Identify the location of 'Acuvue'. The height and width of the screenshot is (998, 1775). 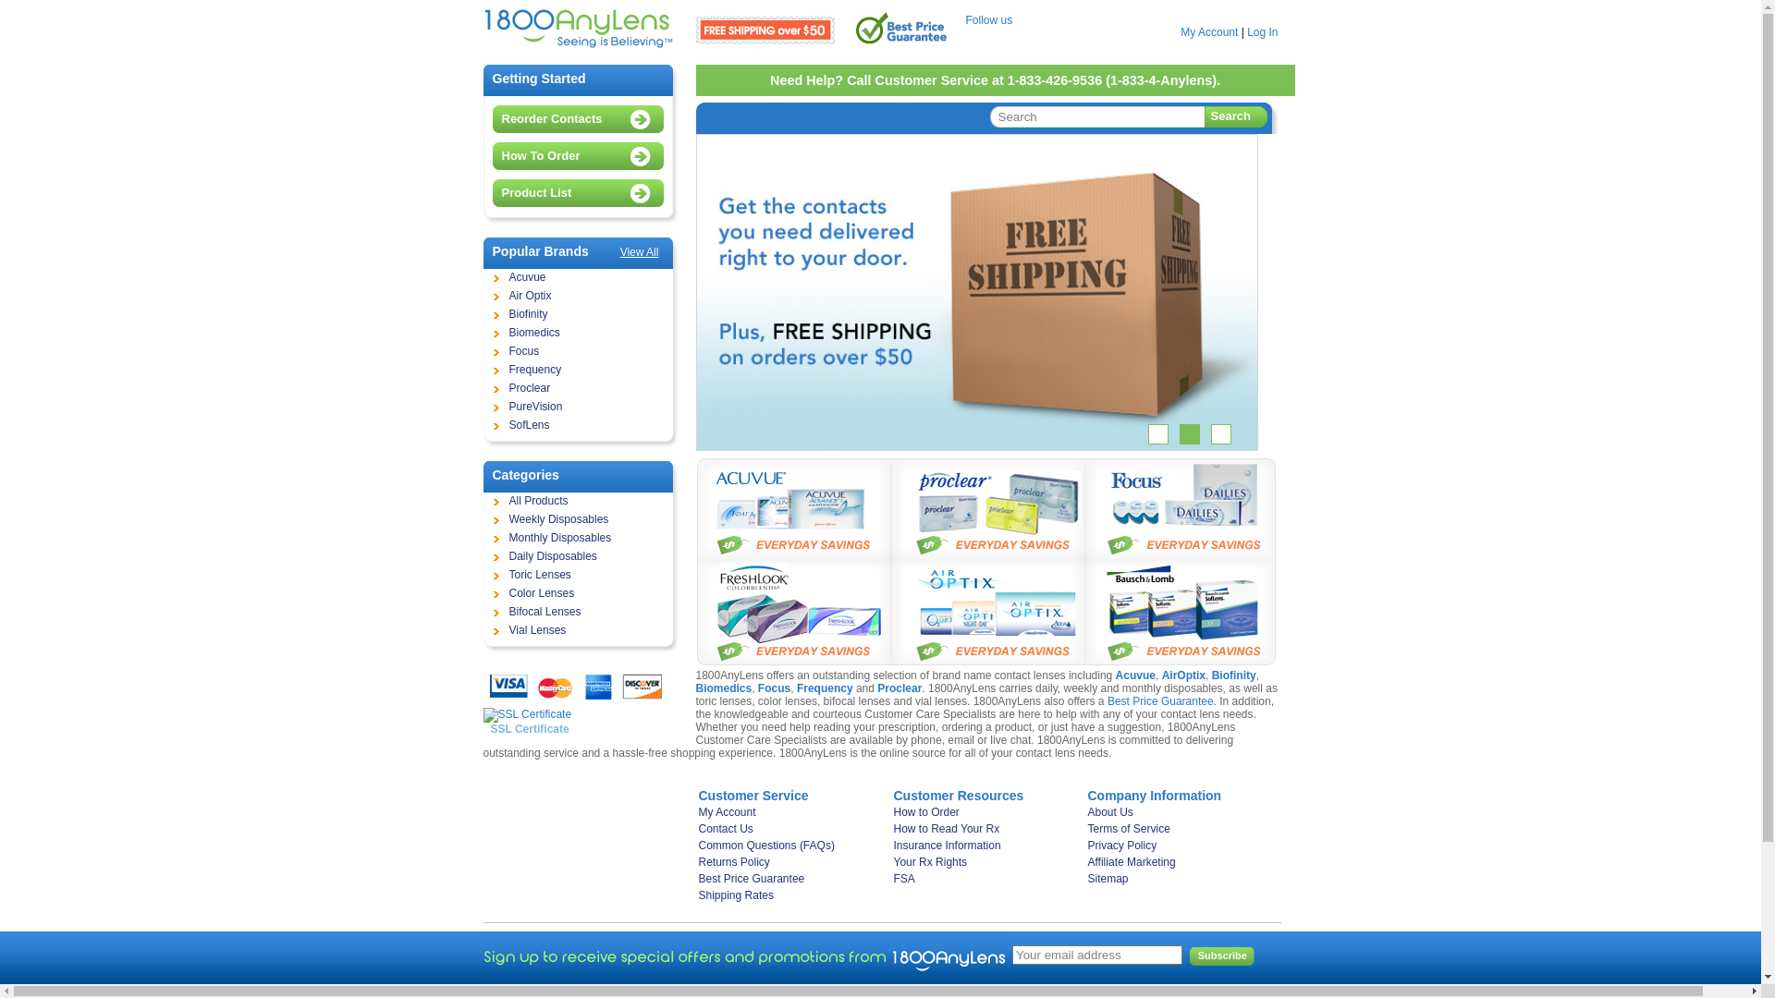
(577, 277).